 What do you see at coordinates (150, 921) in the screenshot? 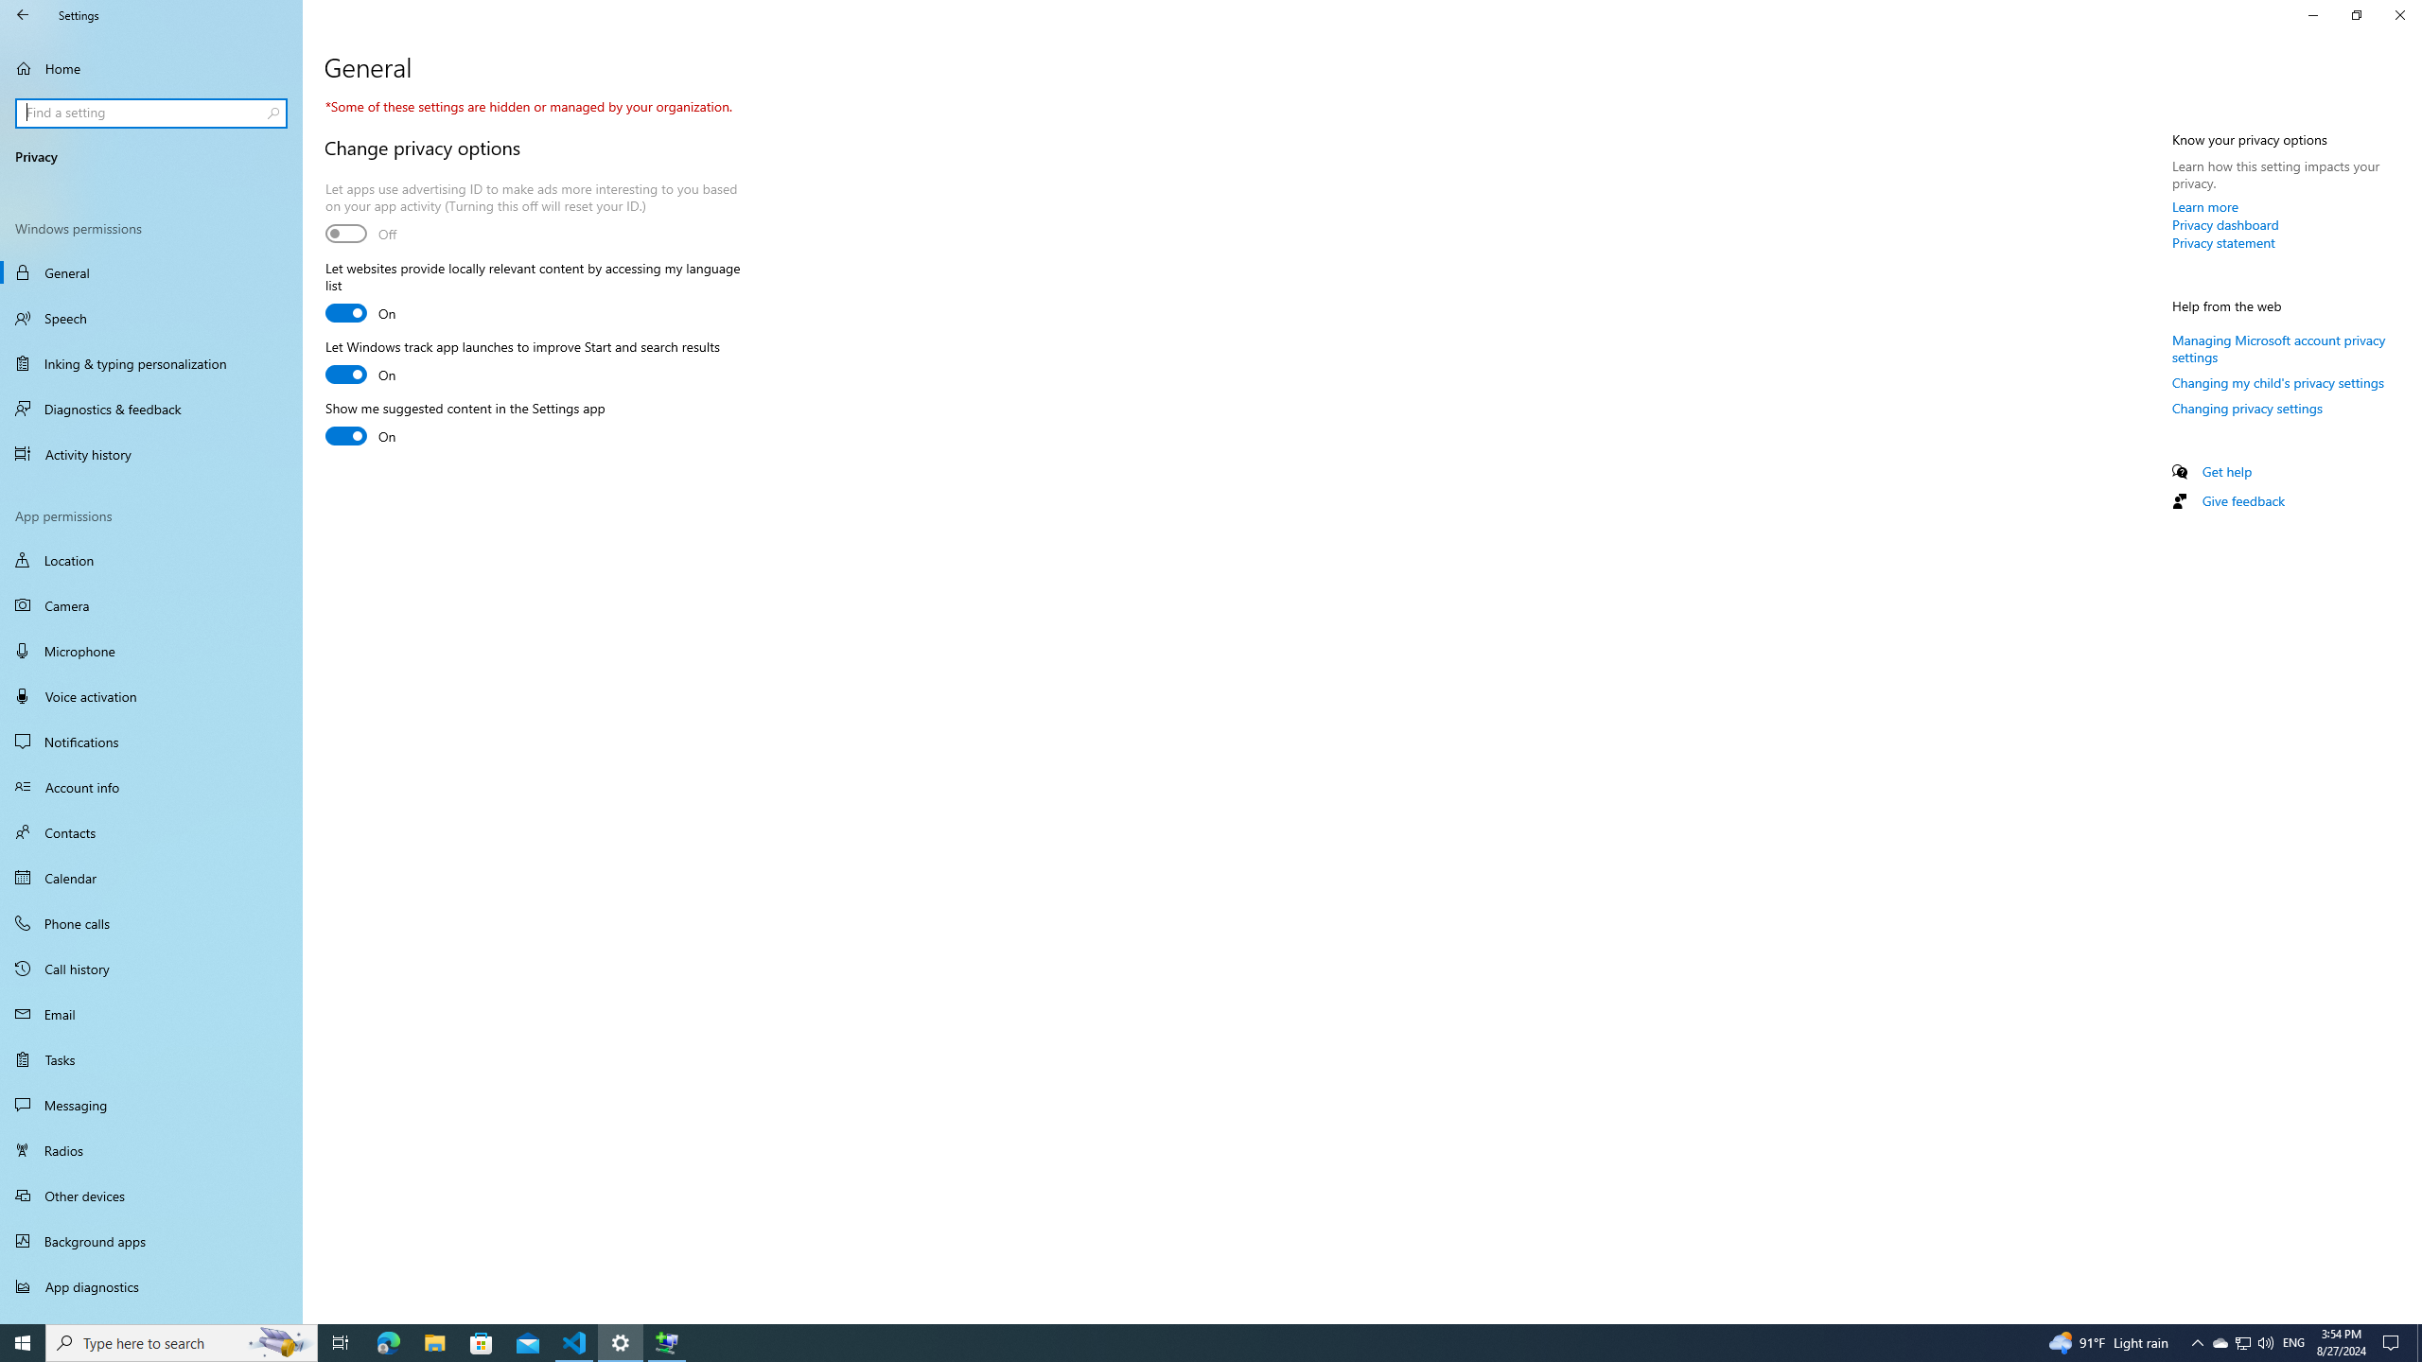
I see `'Phone calls'` at bounding box center [150, 921].